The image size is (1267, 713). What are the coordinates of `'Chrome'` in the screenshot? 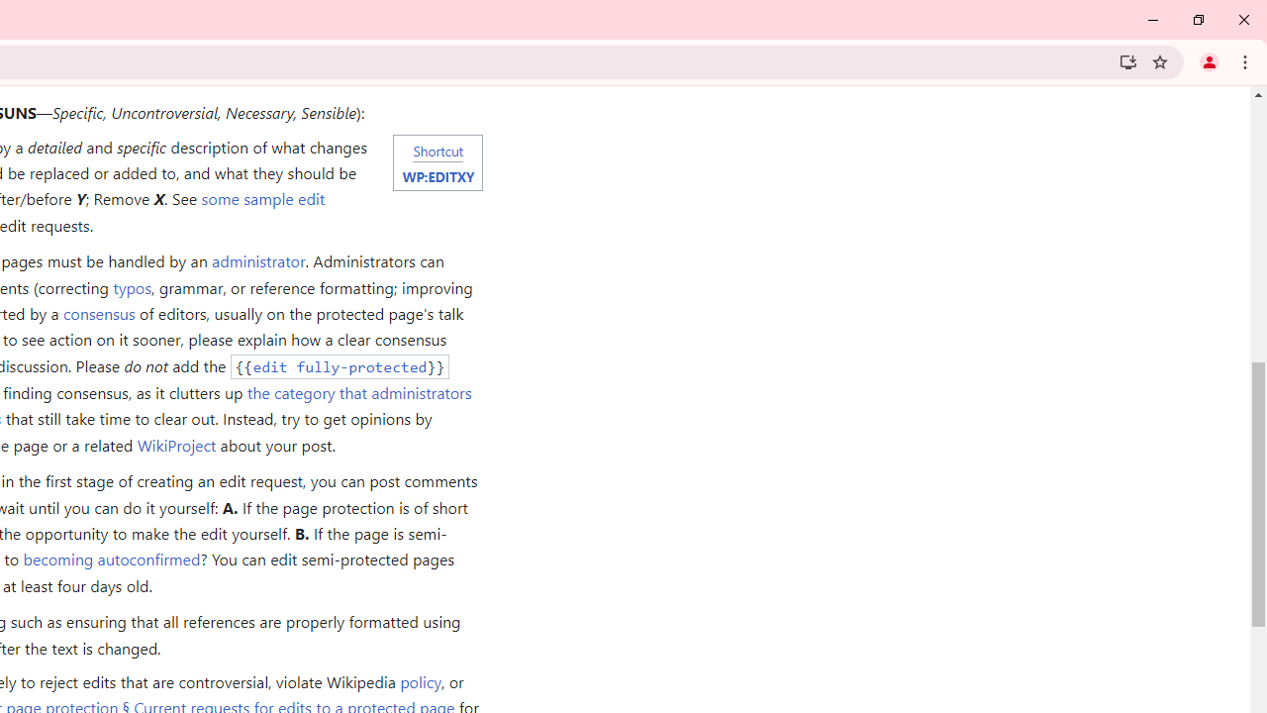 It's located at (1246, 60).